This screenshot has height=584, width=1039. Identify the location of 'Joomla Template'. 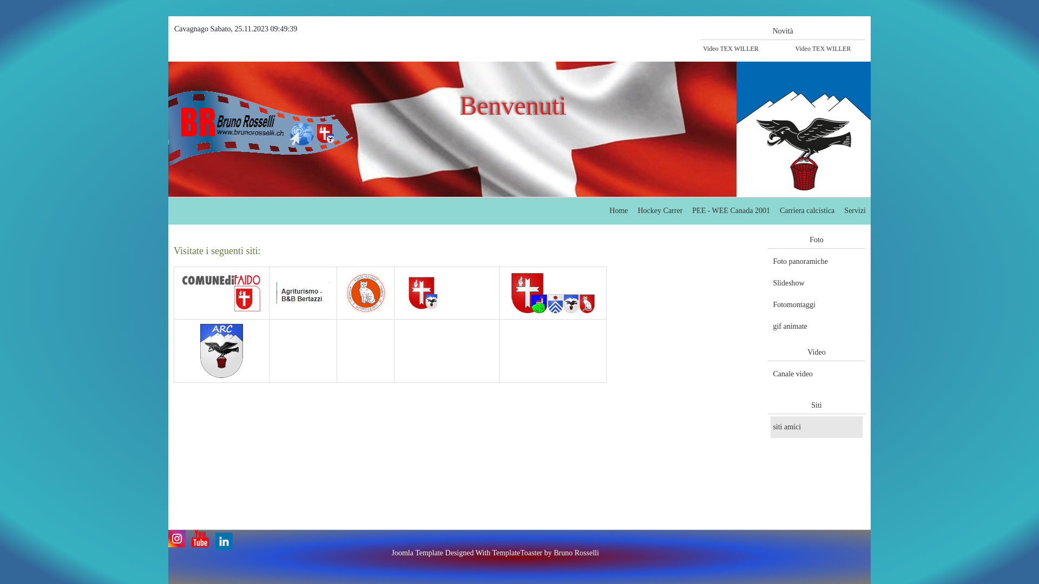
(417, 553).